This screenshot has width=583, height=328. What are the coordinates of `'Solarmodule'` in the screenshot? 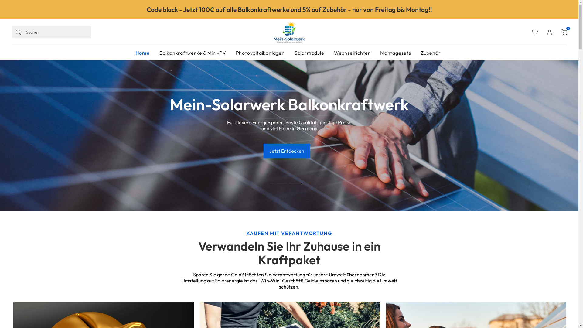 It's located at (309, 52).